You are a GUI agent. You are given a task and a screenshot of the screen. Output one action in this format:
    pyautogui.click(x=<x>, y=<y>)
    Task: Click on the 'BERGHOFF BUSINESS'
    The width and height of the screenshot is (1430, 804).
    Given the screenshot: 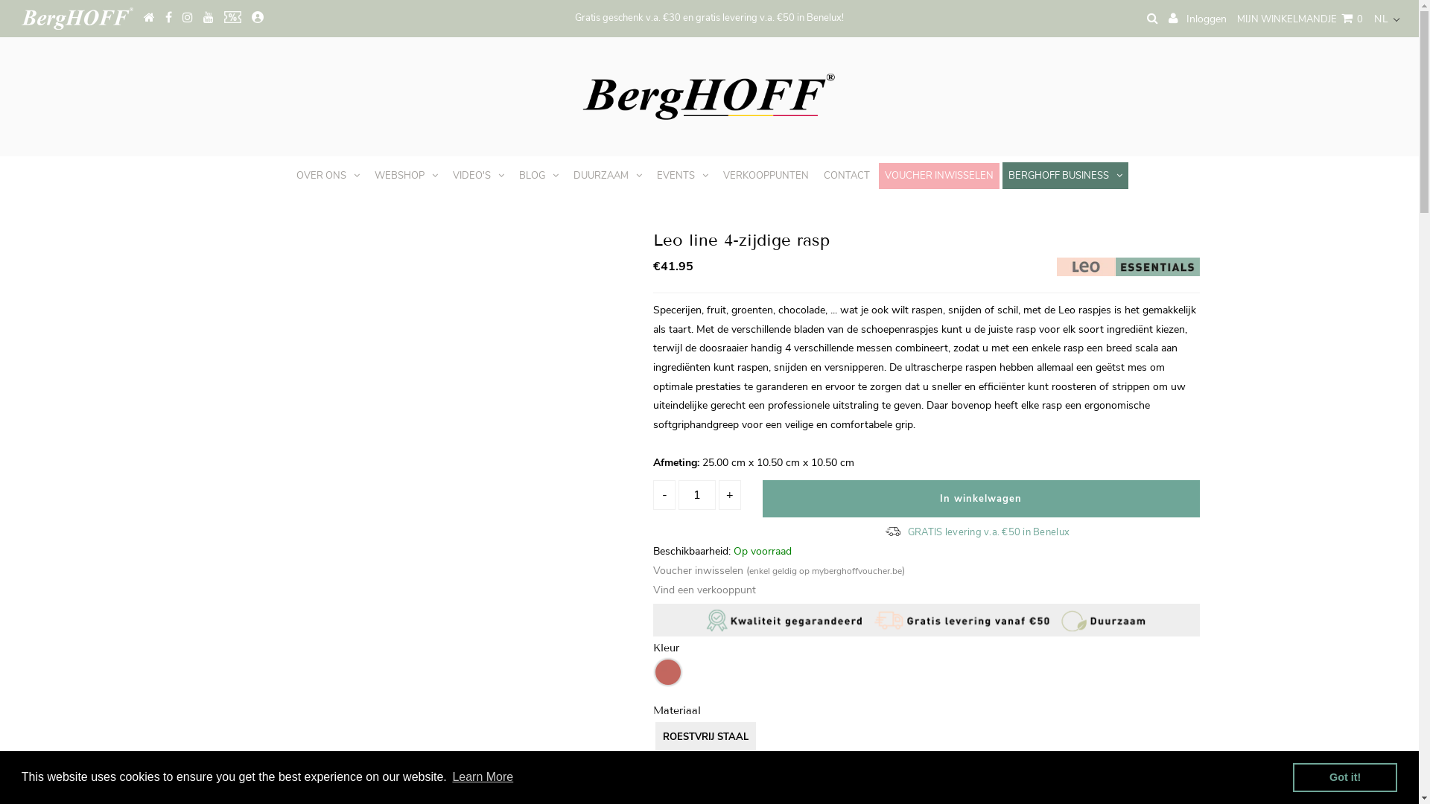 What is the action you would take?
    pyautogui.click(x=1064, y=174)
    